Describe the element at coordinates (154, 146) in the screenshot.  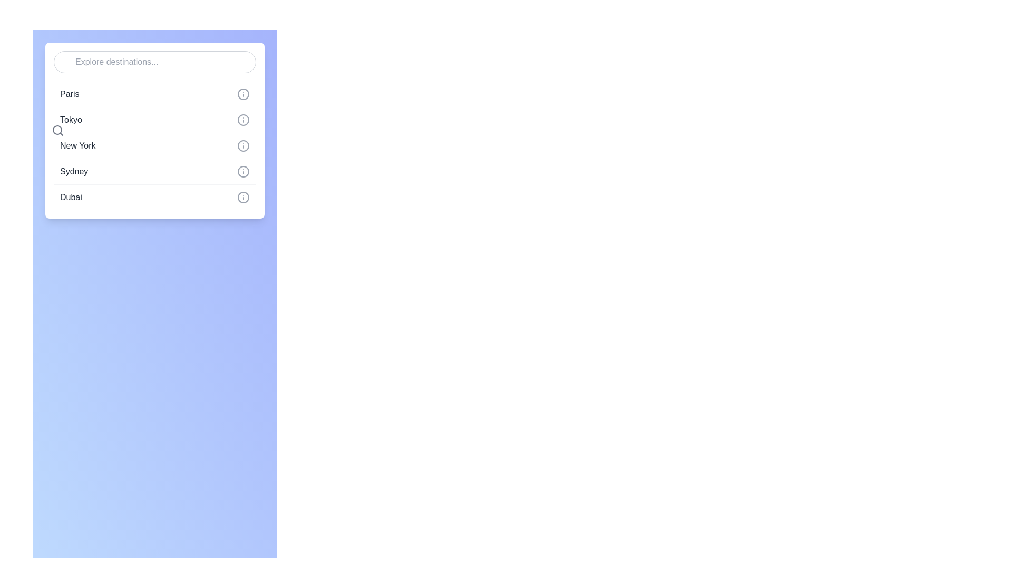
I see `the list item labeled 'New York'` at that location.